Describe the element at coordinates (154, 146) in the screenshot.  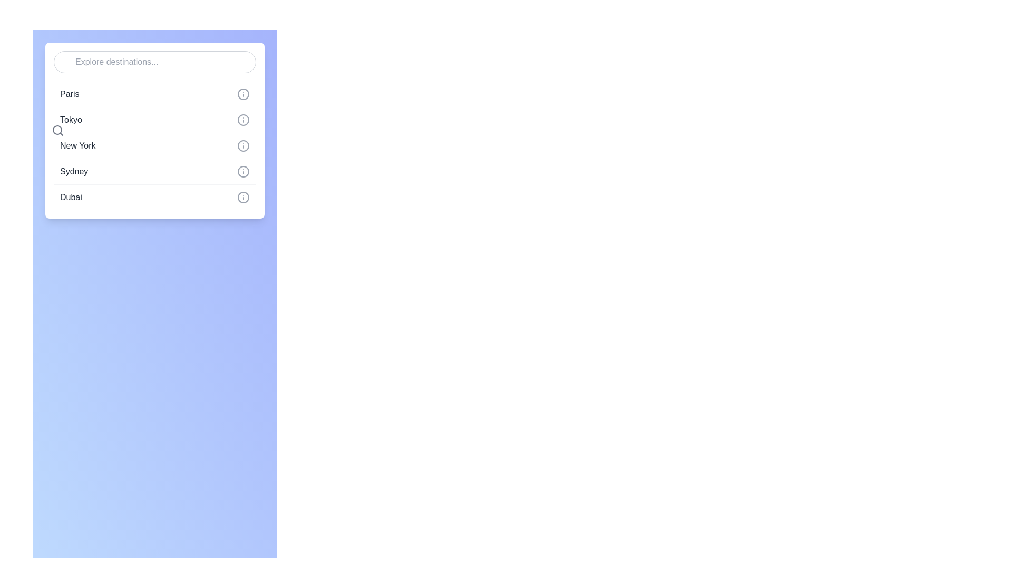
I see `the list item labeled 'New York'` at that location.